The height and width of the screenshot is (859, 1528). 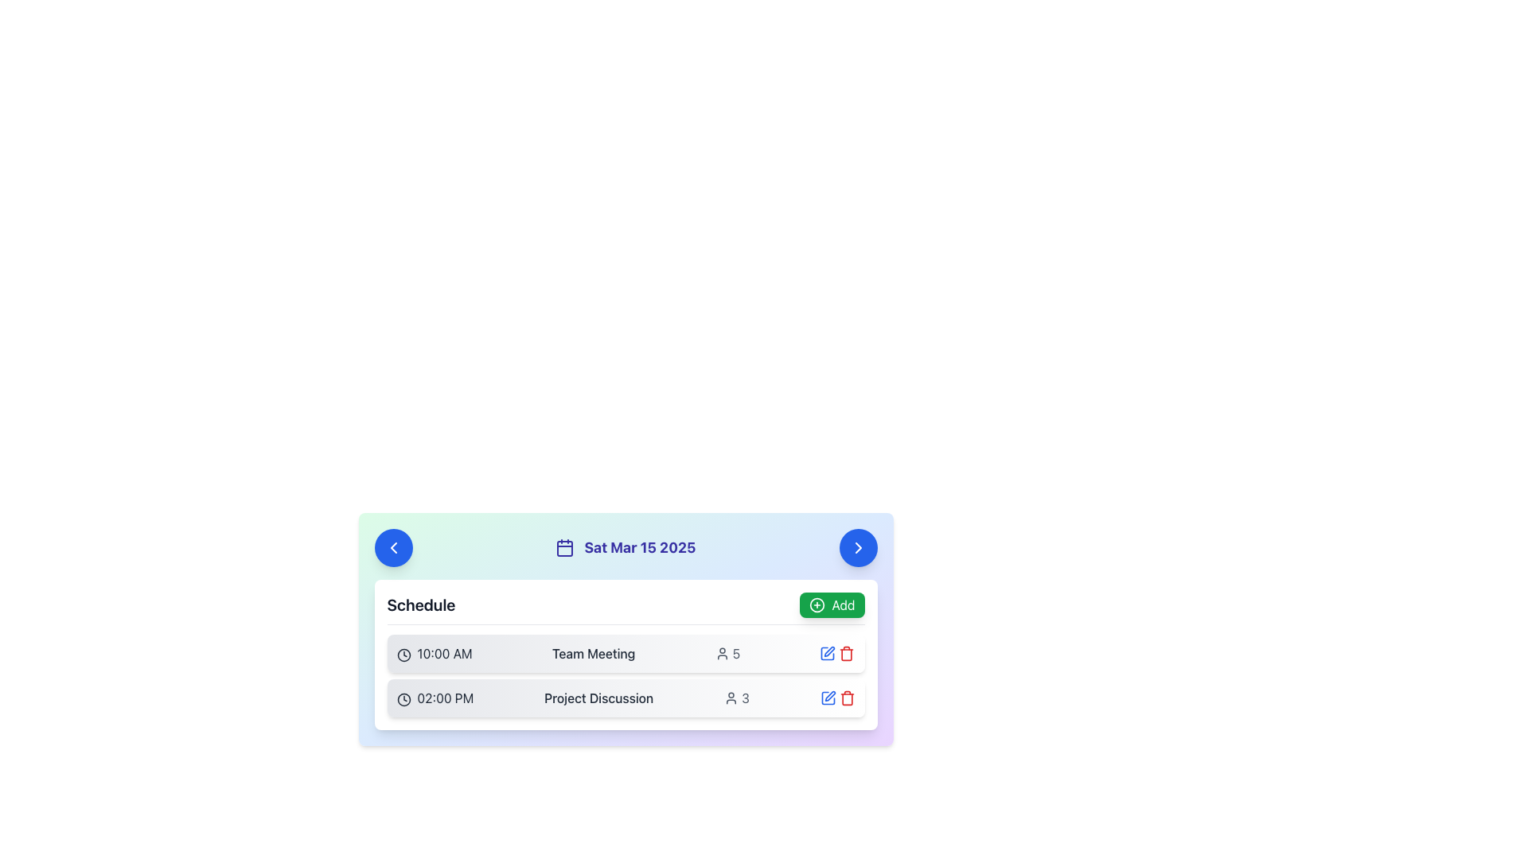 What do you see at coordinates (435, 698) in the screenshot?
I see `the text label displaying '02:00 PM' with a clock icon, located at the start of the second row in the schedule's item list` at bounding box center [435, 698].